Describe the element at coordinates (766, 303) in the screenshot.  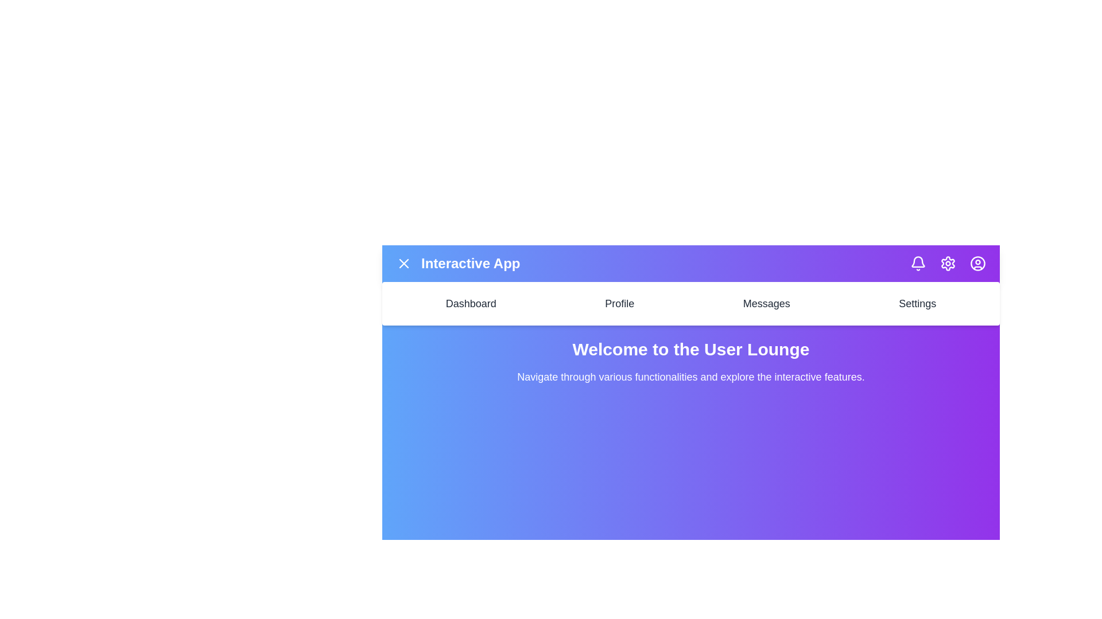
I see `the Messages navigation menu item` at that location.